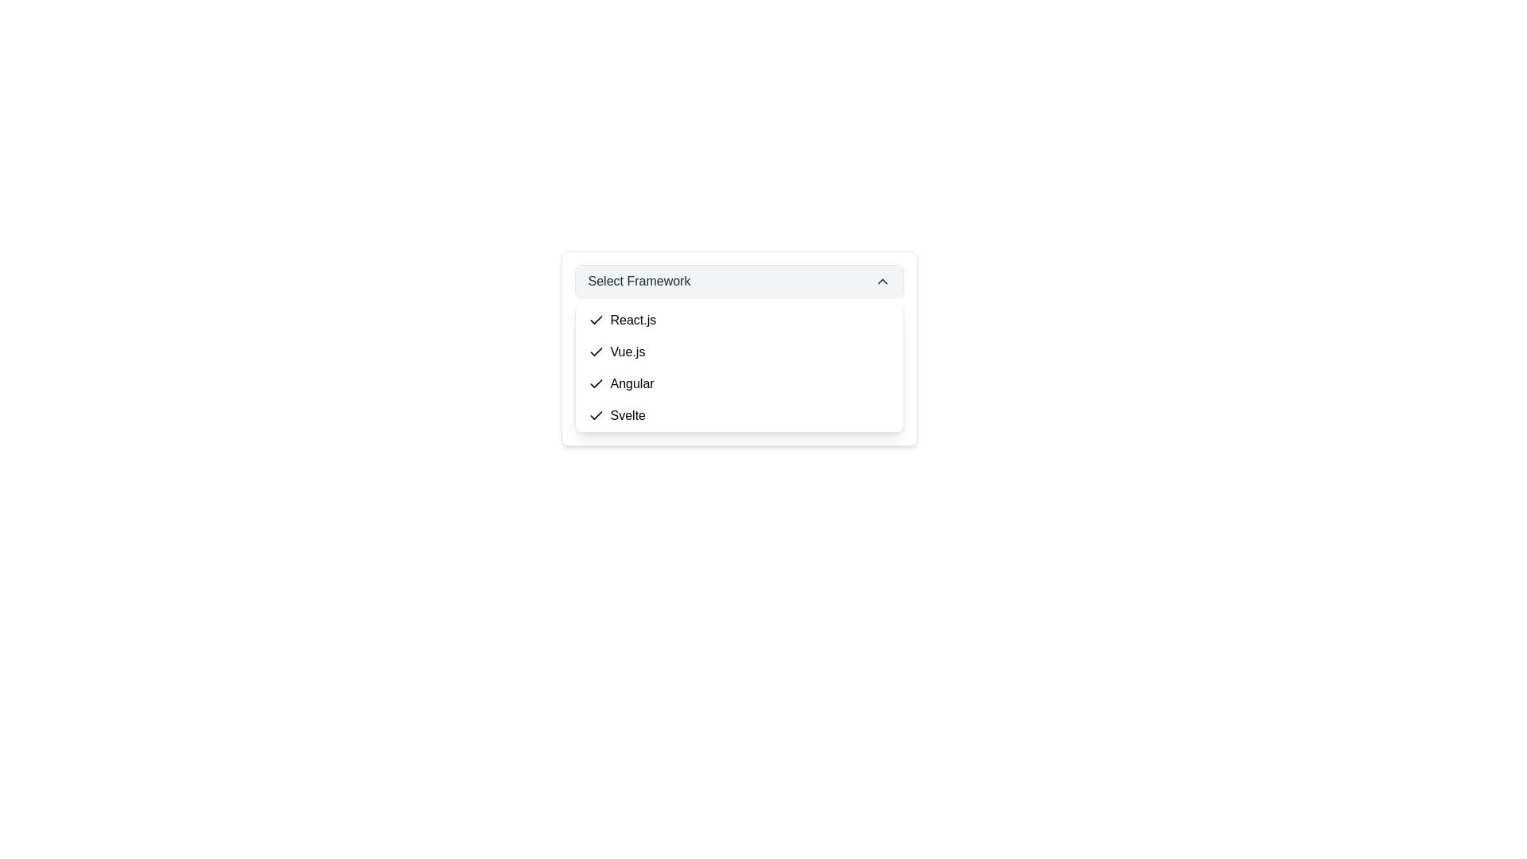 Image resolution: width=1527 pixels, height=859 pixels. I want to click on the checkmark icon displayed to the left of the 'Angular' entry in the 'Select Framework' dropdown menu, so click(595, 383).